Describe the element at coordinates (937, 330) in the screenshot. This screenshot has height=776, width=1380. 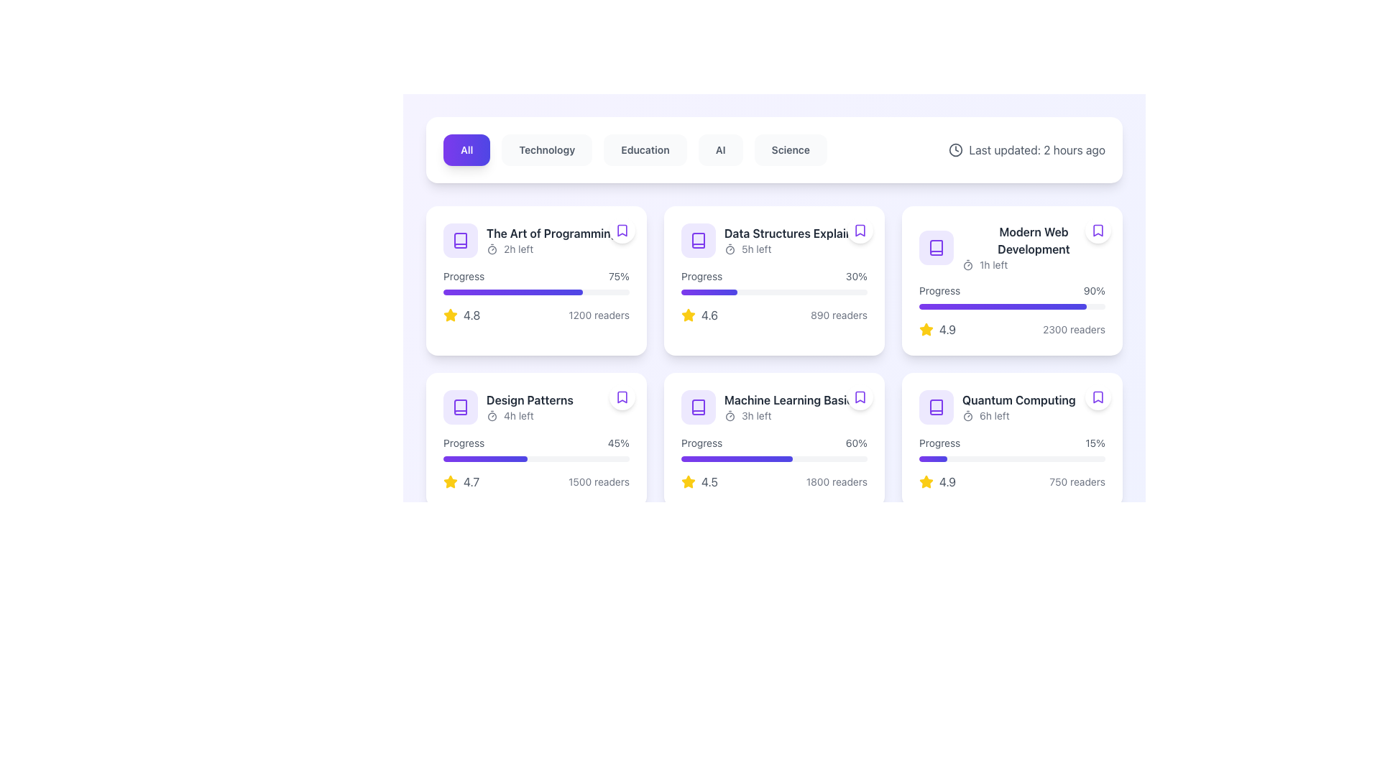
I see `the rating display component that consists of a yellow star icon and the textual rating '4.9' in gray font, located in the first row and third column of the grid, below the progress bar of the 'Modern Web Development' card` at that location.